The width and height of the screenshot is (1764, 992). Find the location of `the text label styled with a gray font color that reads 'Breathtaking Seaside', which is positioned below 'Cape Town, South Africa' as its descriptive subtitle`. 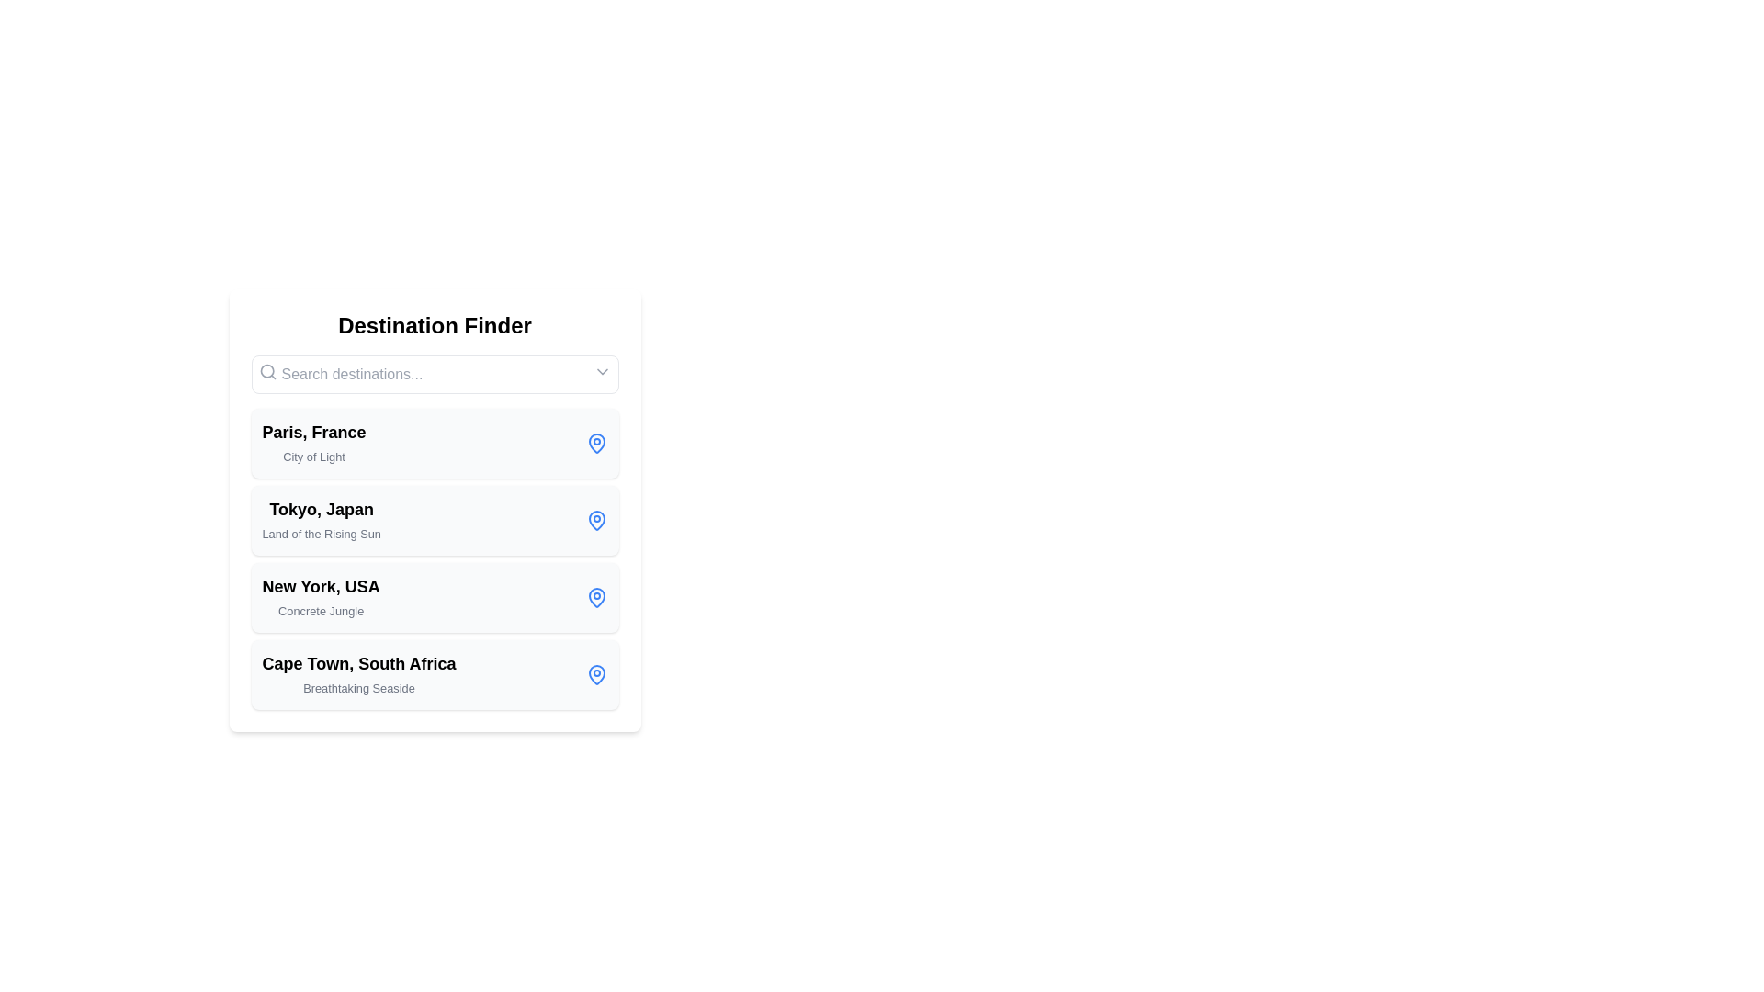

the text label styled with a gray font color that reads 'Breathtaking Seaside', which is positioned below 'Cape Town, South Africa' as its descriptive subtitle is located at coordinates (358, 688).